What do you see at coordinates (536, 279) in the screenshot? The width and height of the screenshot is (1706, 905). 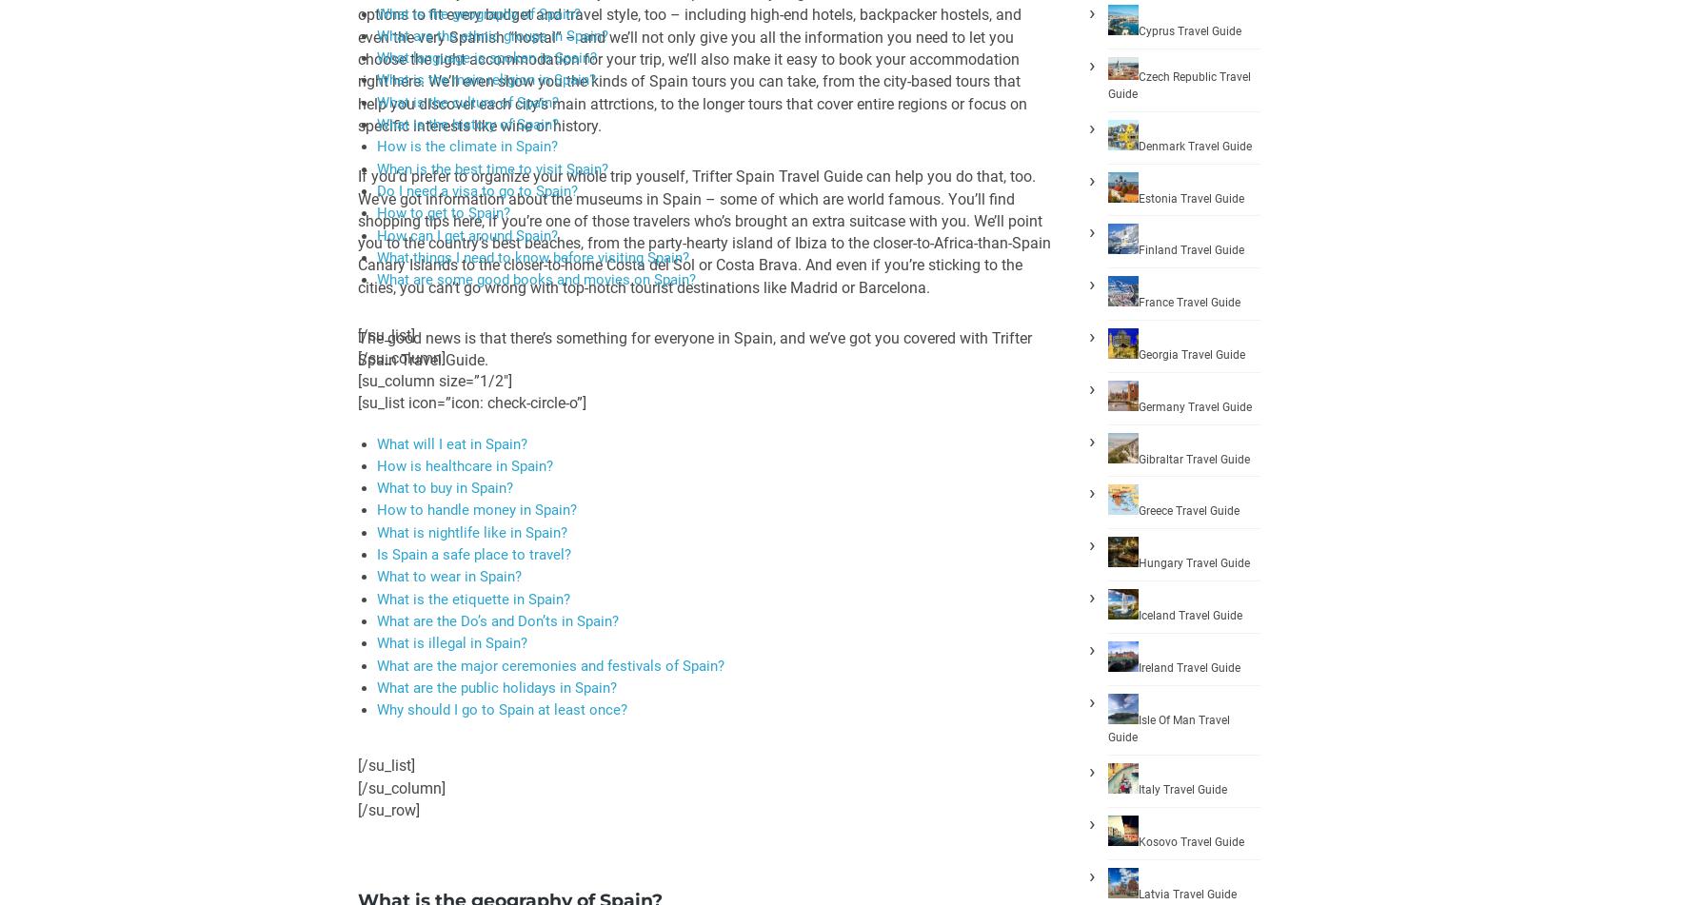 I see `'What are some good books and movies on Spain?'` at bounding box center [536, 279].